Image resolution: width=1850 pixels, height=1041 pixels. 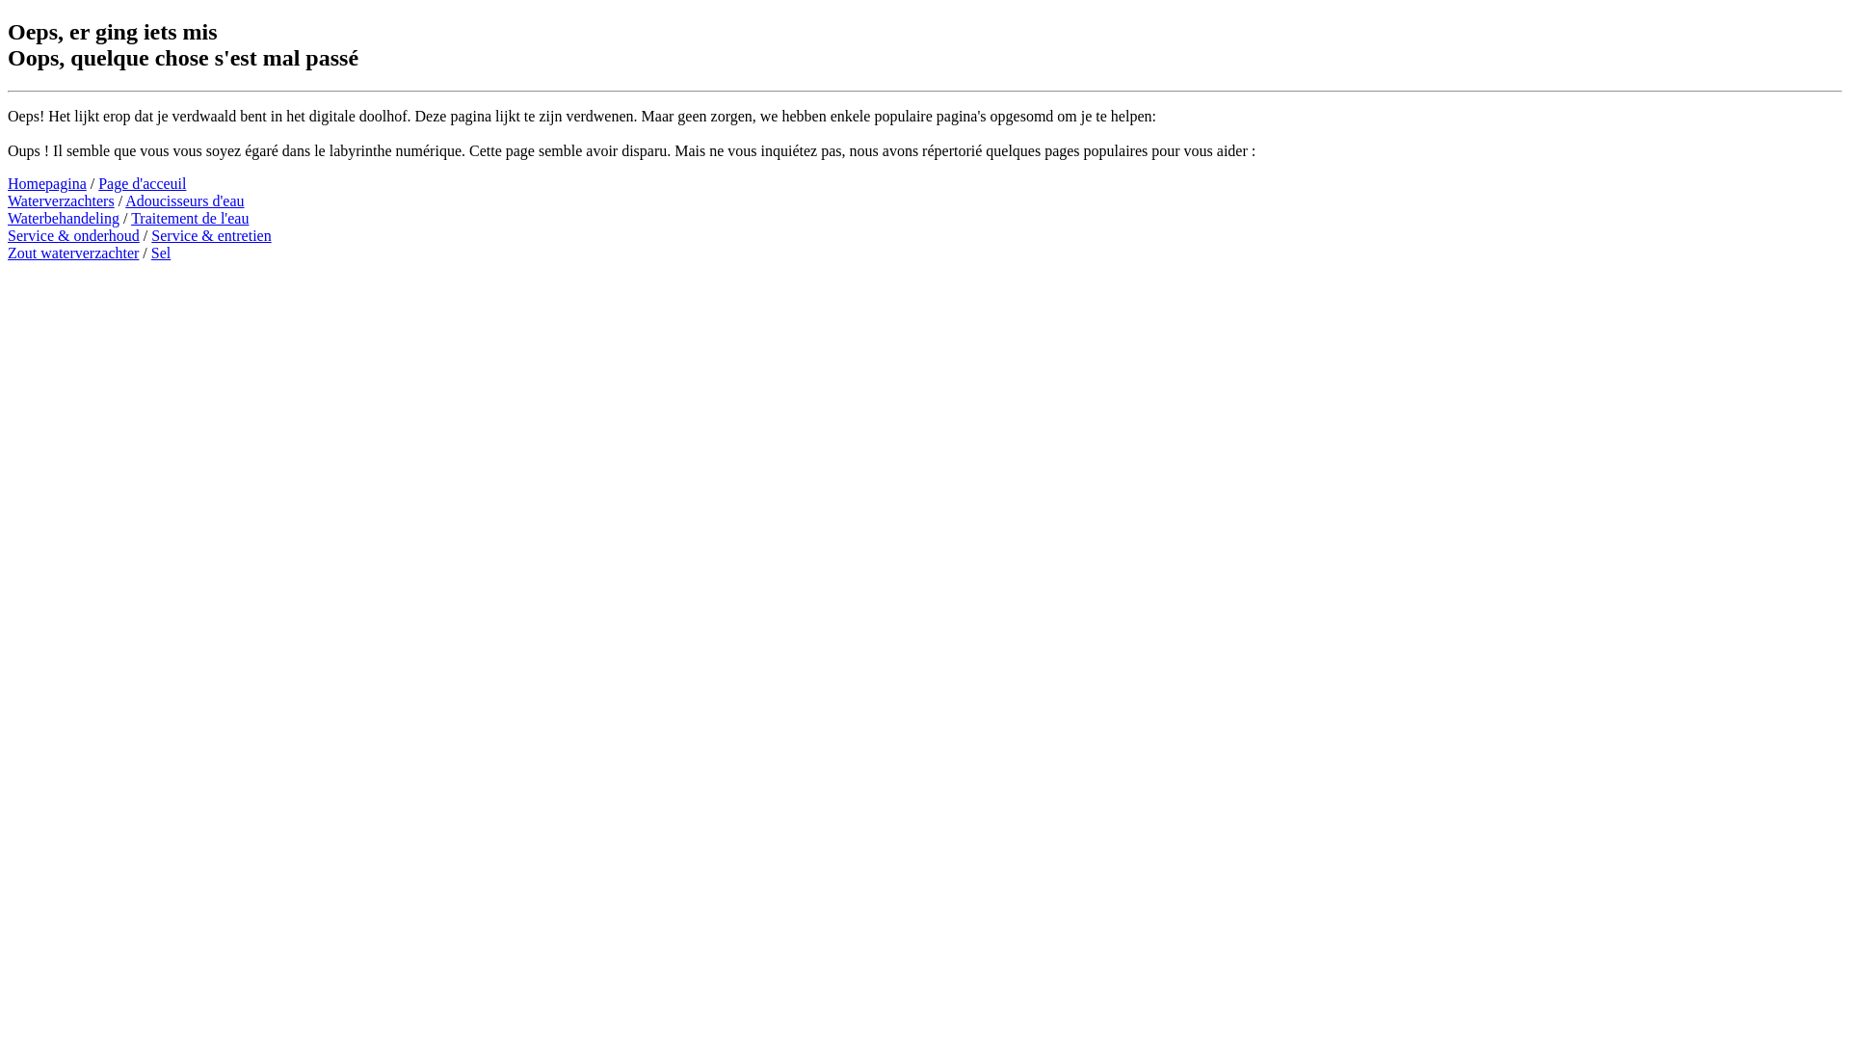 What do you see at coordinates (46, 183) in the screenshot?
I see `'Homepagina'` at bounding box center [46, 183].